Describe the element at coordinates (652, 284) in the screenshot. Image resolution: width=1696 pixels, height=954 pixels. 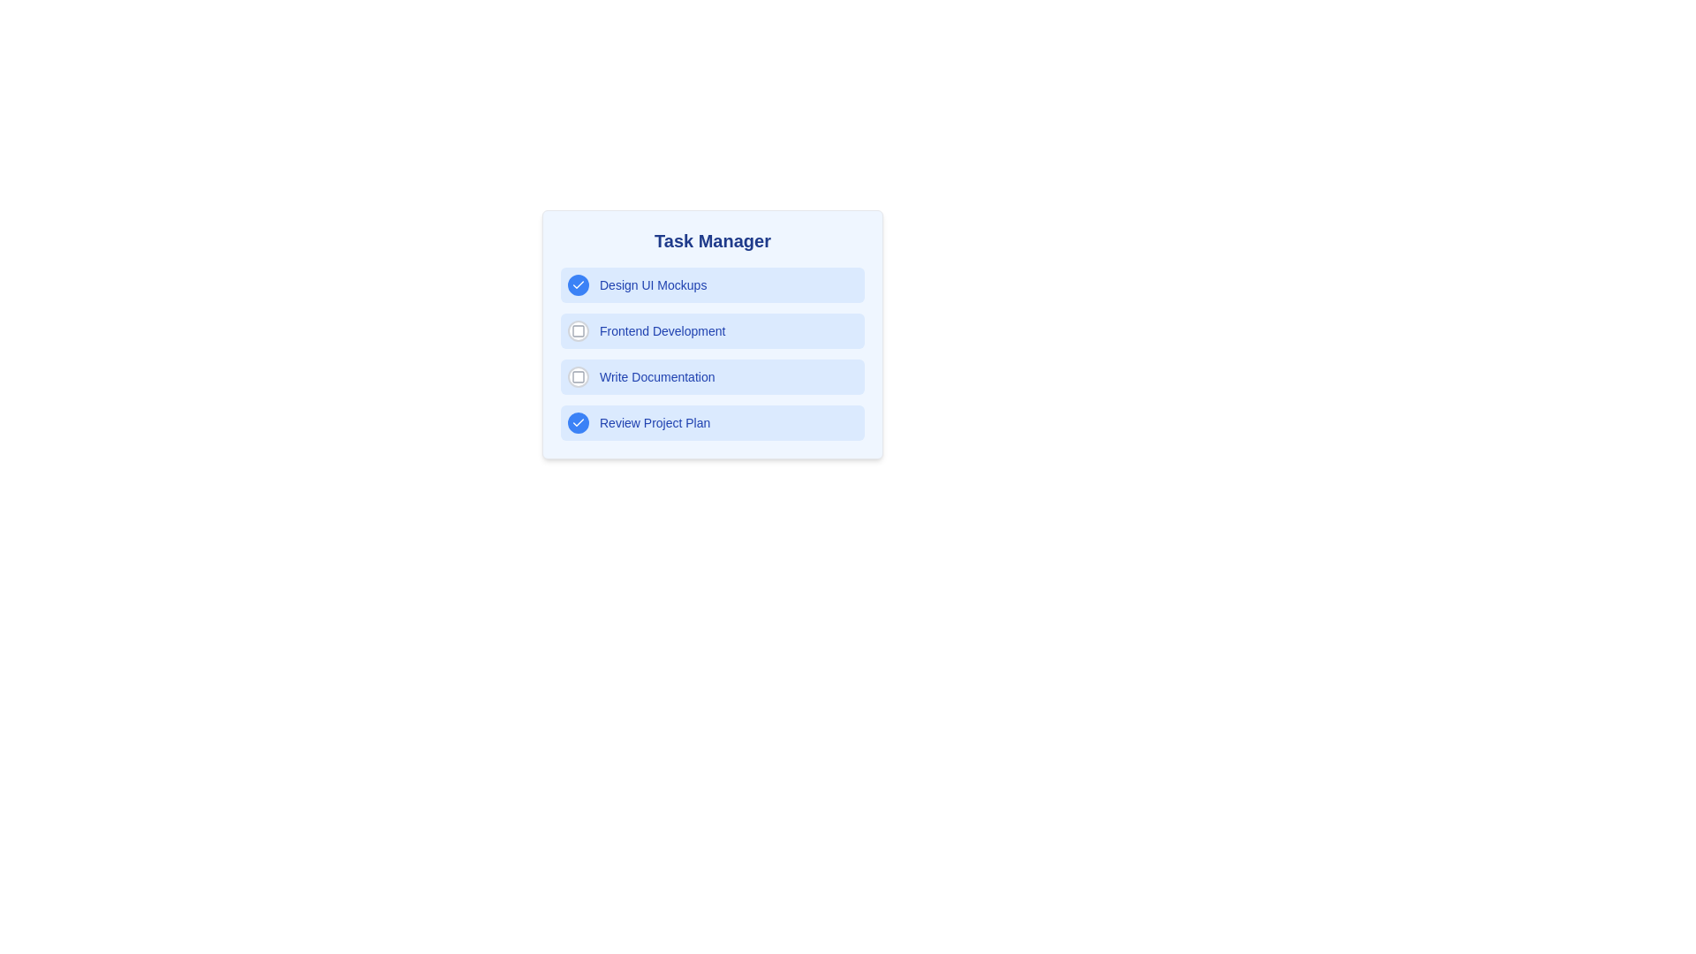
I see `the task label corresponding to Design UI Mockups` at that location.